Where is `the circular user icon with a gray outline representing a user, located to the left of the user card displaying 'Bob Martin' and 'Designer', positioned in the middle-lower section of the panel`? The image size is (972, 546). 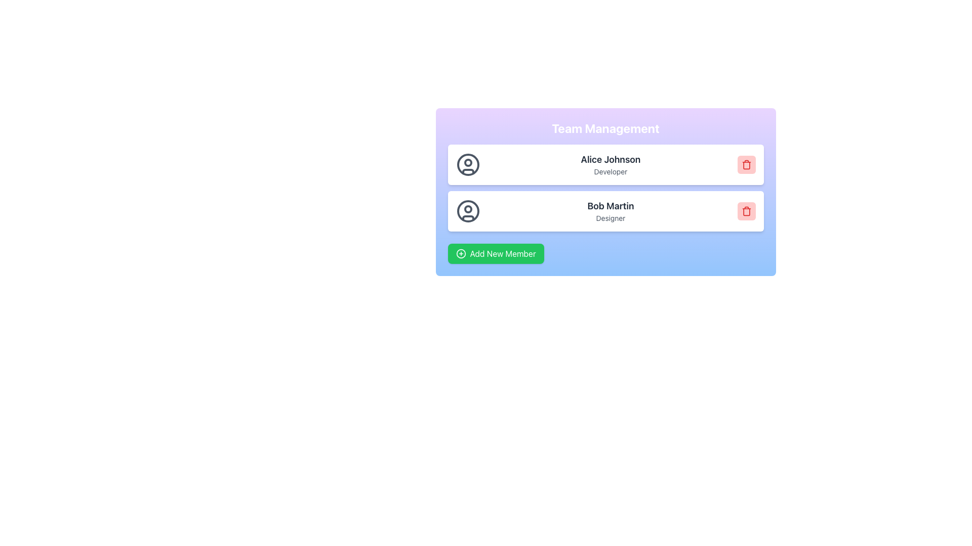
the circular user icon with a gray outline representing a user, located to the left of the user card displaying 'Bob Martin' and 'Designer', positioned in the middle-lower section of the panel is located at coordinates (467, 210).